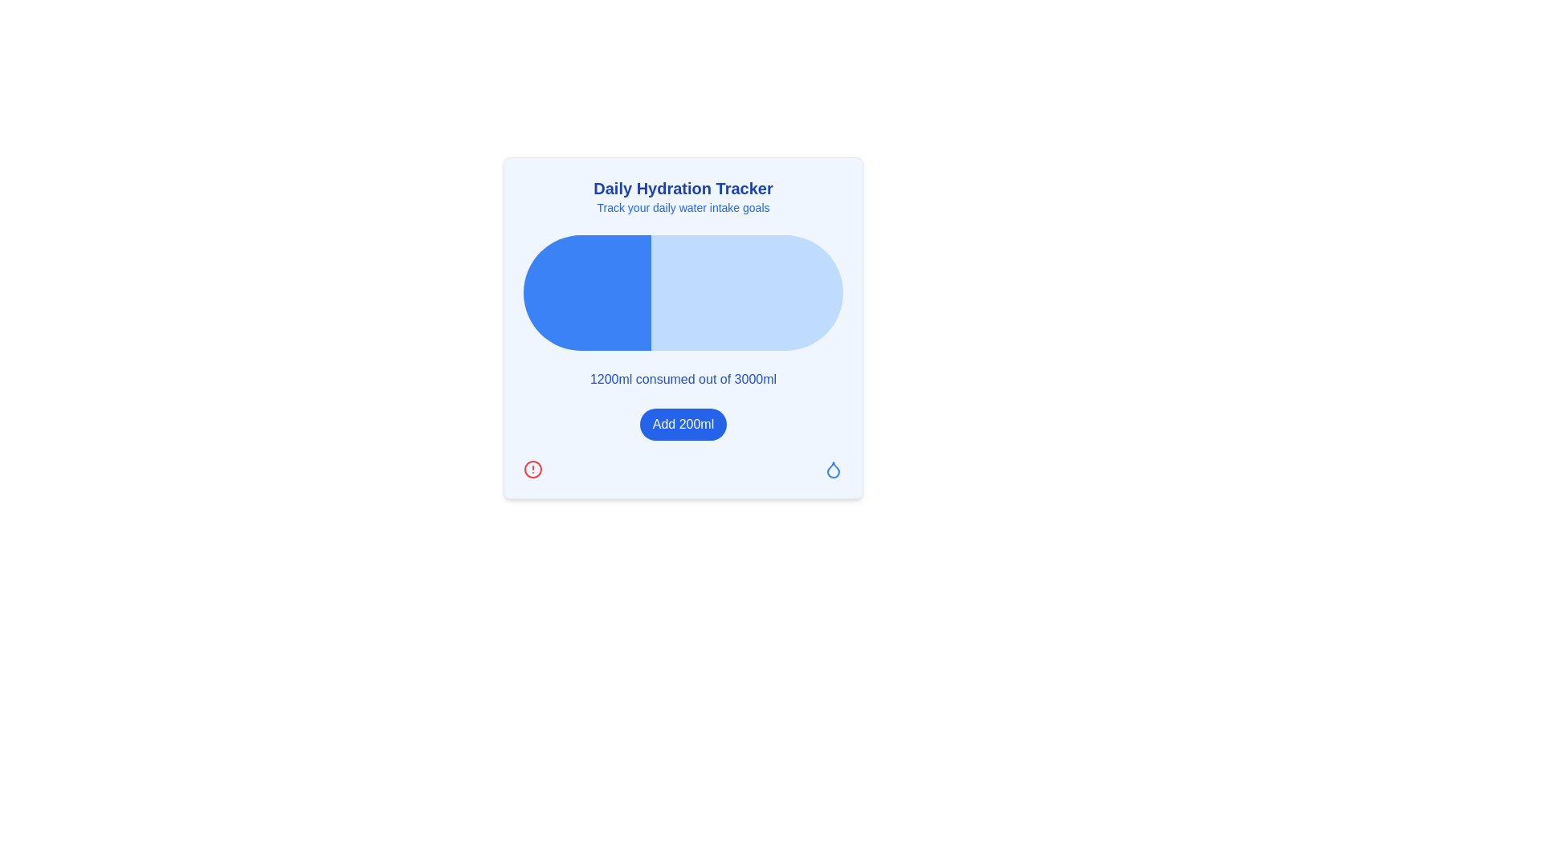 This screenshot has height=867, width=1542. What do you see at coordinates (683, 423) in the screenshot?
I see `the button that adds 200ml to the water intake counter, located beneath the text '1200ml consumed out of 3000ml'` at bounding box center [683, 423].